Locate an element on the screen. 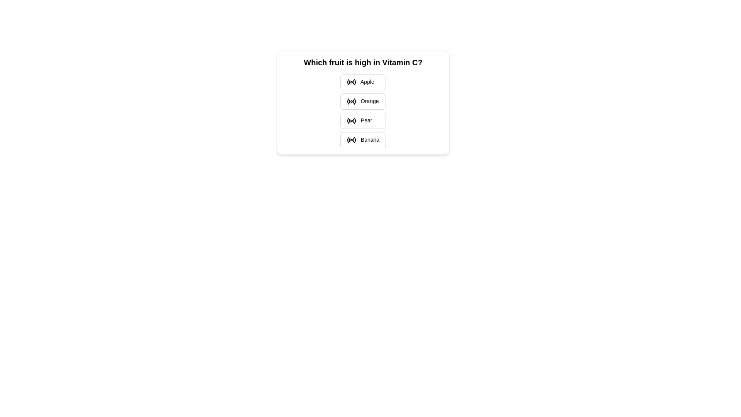  the graphical segment of the radio button for the 'Orange' option, which visually represents the state of the option (selected or unselected) is located at coordinates (353, 101).